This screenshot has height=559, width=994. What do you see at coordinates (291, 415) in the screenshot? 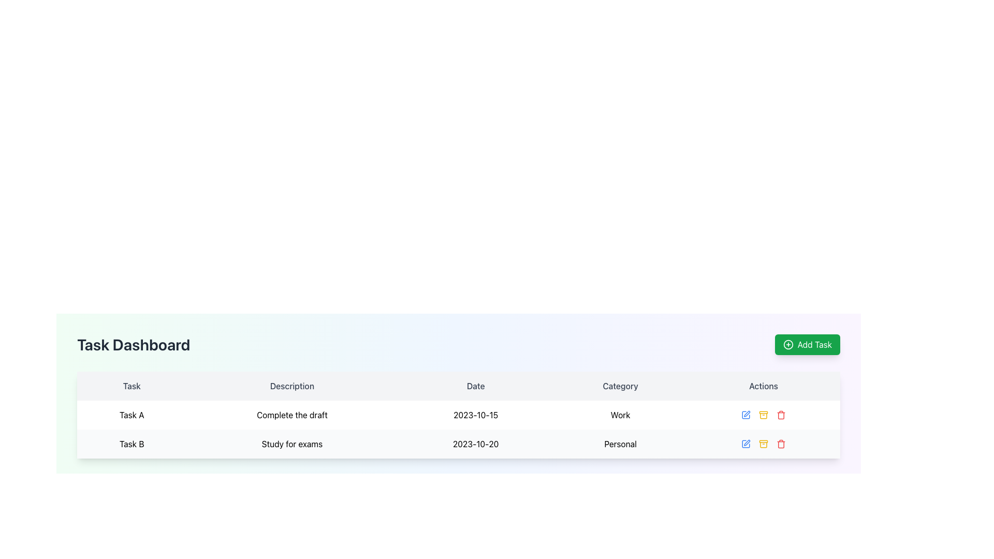
I see `the text block displaying 'Complete the draft' in the 'Task Dashboard' table, located in the second column of the row titled 'Task A'` at bounding box center [291, 415].